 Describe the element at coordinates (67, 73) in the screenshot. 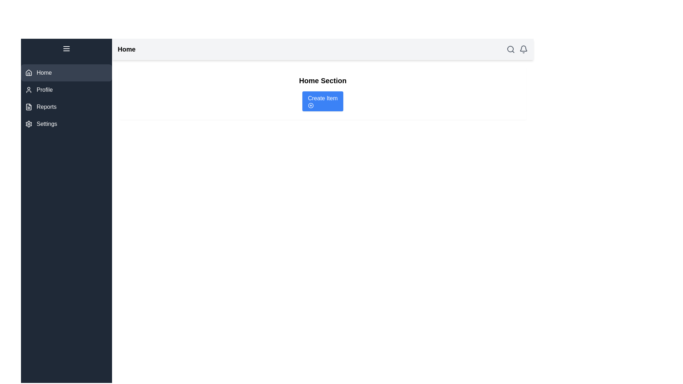

I see `the 'Home' sidebar navigation item to observe the color change` at that location.